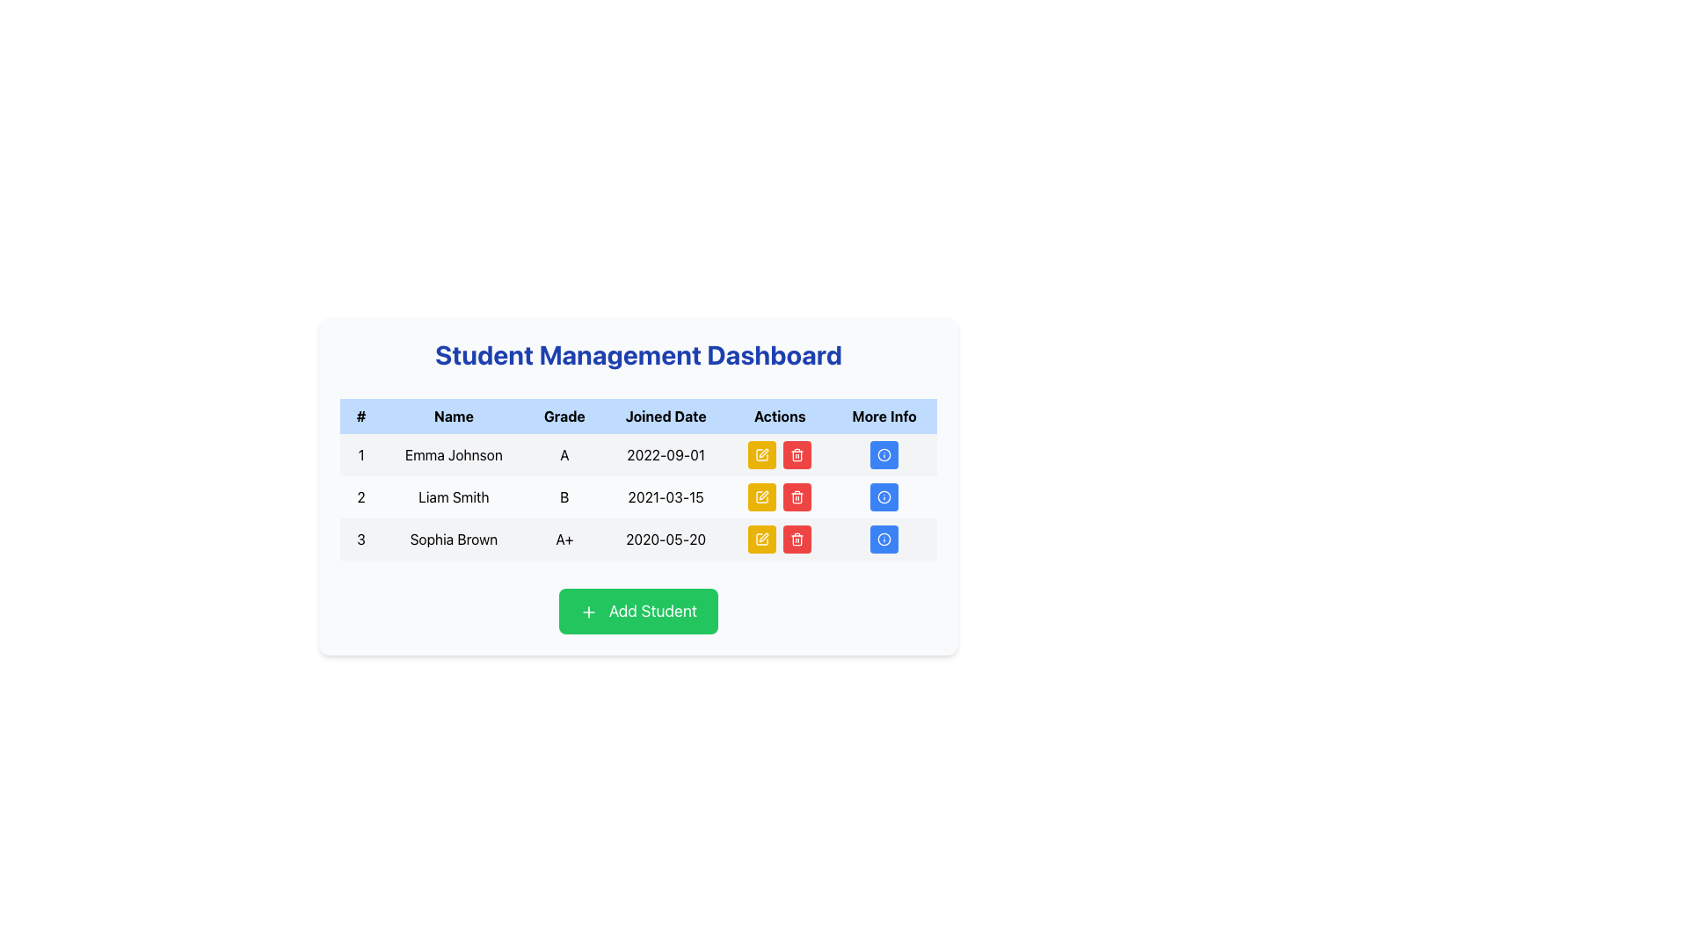 The width and height of the screenshot is (1688, 949). What do you see at coordinates (884, 538) in the screenshot?
I see `the circular information icon in the 'More Info' column of the third row for Sophia Brown` at bounding box center [884, 538].